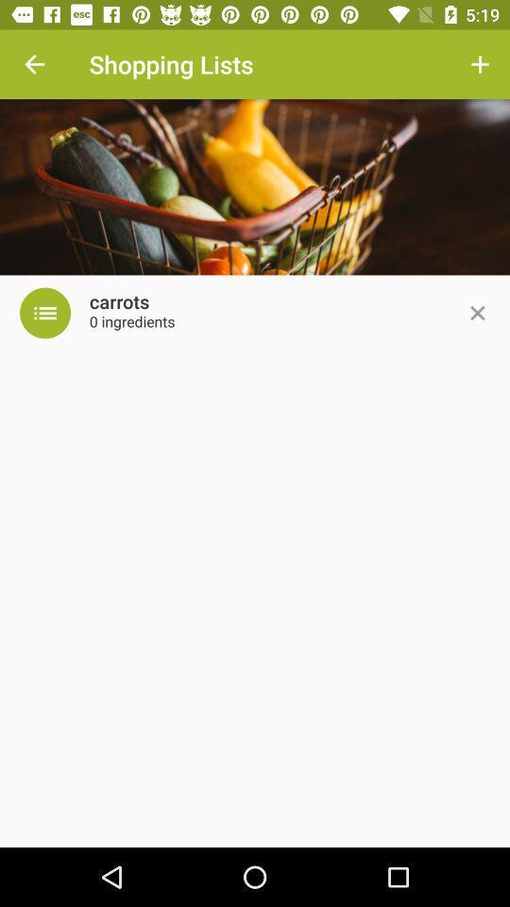 The image size is (510, 907). Describe the element at coordinates (34, 64) in the screenshot. I see `the icon to the left of the shopping lists item` at that location.